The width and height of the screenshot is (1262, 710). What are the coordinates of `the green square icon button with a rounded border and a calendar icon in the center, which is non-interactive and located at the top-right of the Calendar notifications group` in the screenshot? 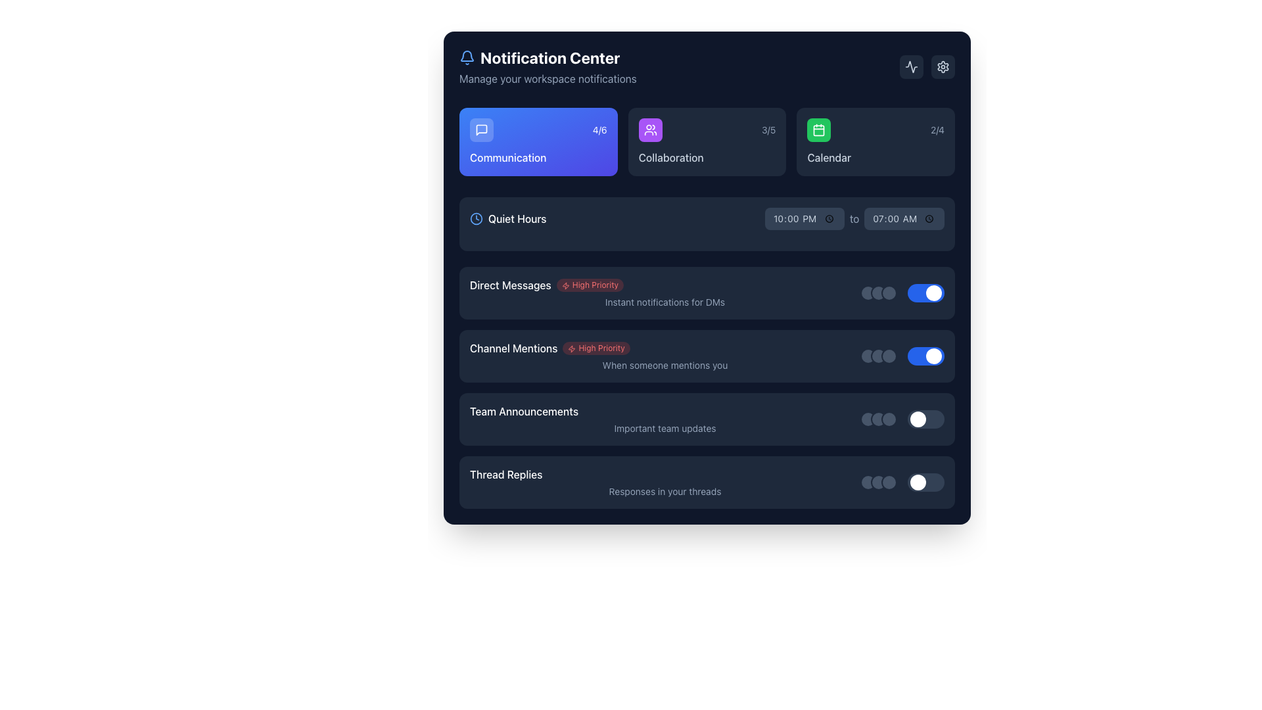 It's located at (818, 130).